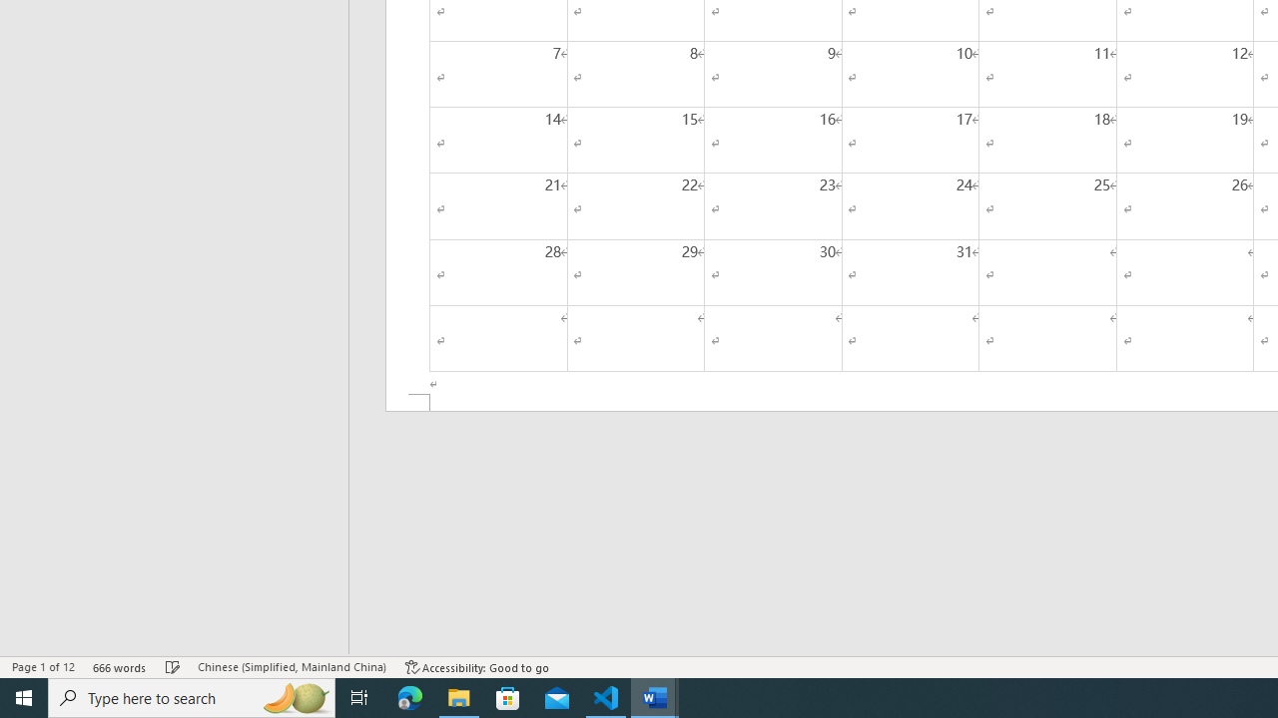 The height and width of the screenshot is (718, 1278). What do you see at coordinates (119, 667) in the screenshot?
I see `'Word Count 666 words'` at bounding box center [119, 667].